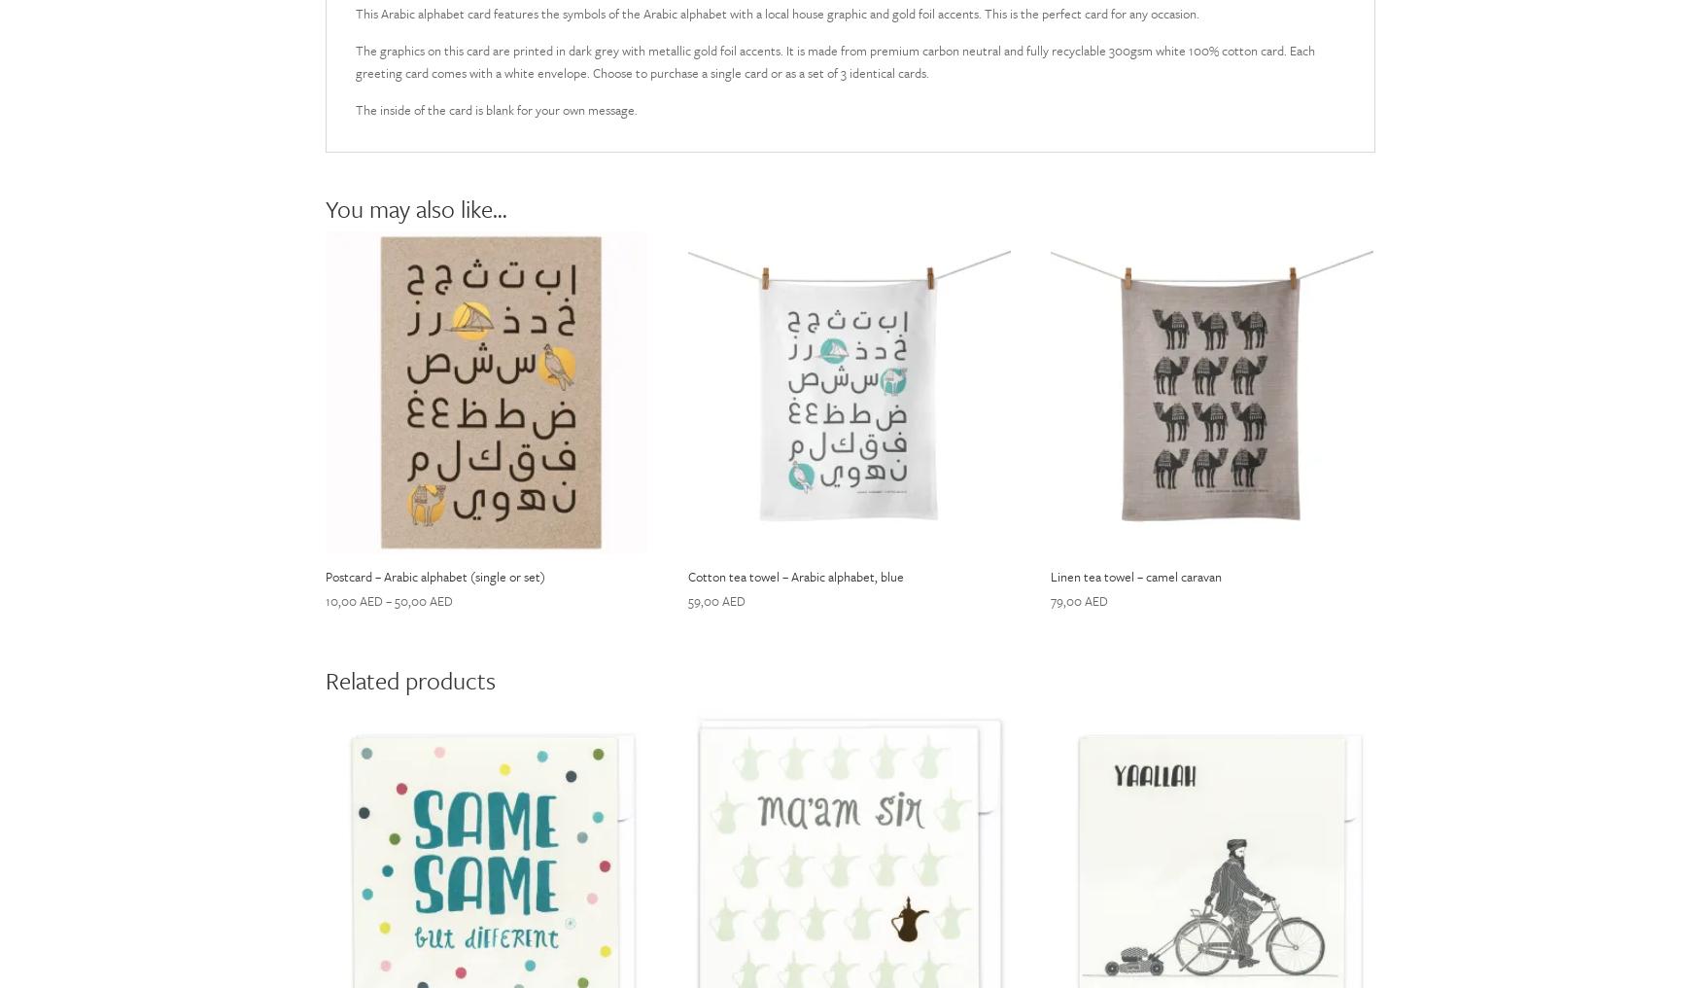 The width and height of the screenshot is (1700, 988). What do you see at coordinates (434, 577) in the screenshot?
I see `'Postcard – Arabic alphabet  (single or set)'` at bounding box center [434, 577].